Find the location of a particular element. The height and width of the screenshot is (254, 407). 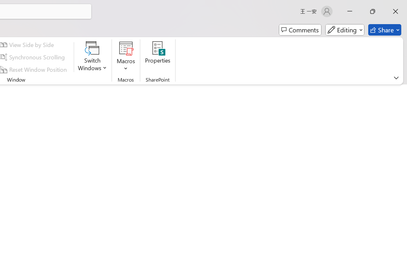

'Ribbon Display Options' is located at coordinates (396, 77).